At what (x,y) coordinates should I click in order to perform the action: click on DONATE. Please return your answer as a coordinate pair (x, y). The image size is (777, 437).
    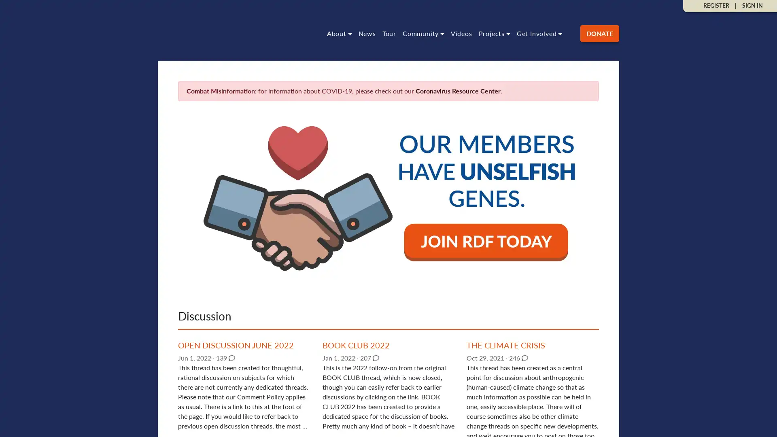
    Looking at the image, I should click on (600, 32).